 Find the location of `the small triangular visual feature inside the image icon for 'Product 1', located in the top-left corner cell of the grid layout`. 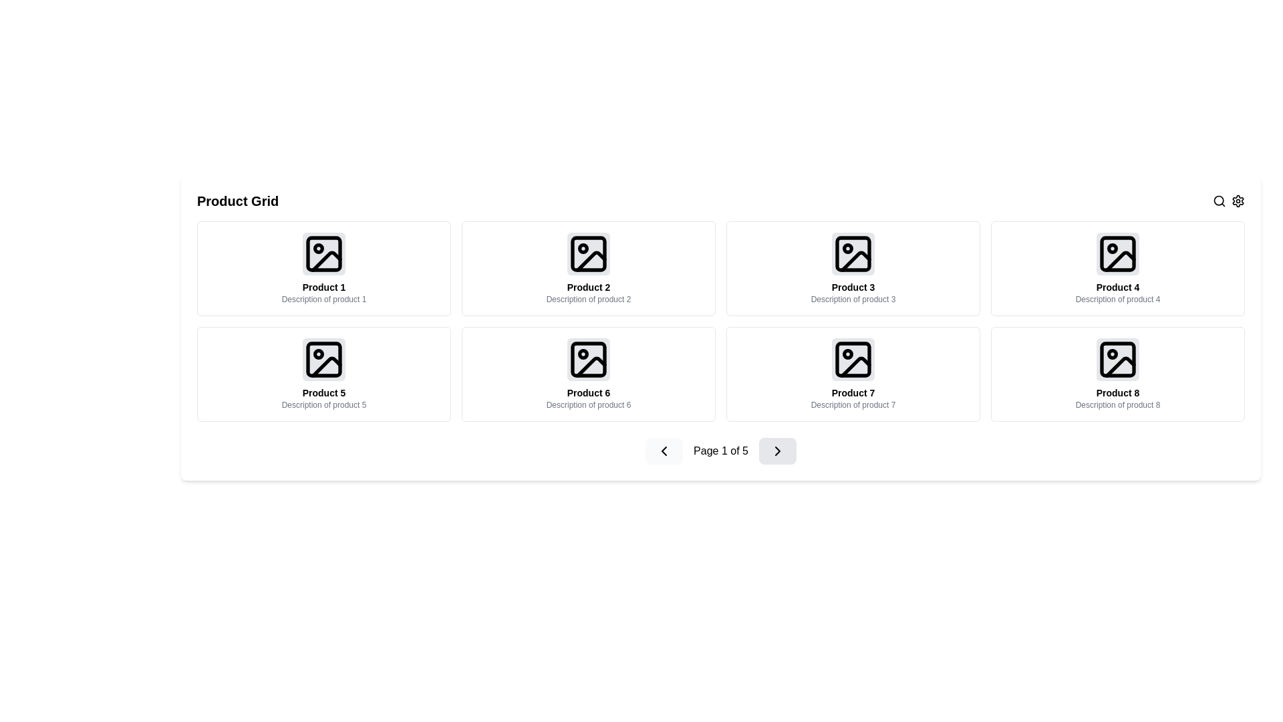

the small triangular visual feature inside the image icon for 'Product 1', located in the top-left corner cell of the grid layout is located at coordinates (327, 261).